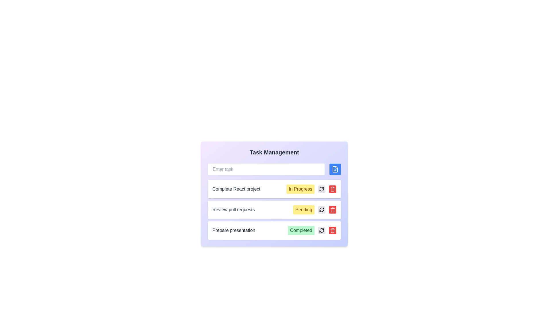 The image size is (551, 310). Describe the element at coordinates (332, 230) in the screenshot. I see `the delete button associated with the 'Prepare presentation' task, which is positioned in the third row of the task list and is the last button on the right` at that location.